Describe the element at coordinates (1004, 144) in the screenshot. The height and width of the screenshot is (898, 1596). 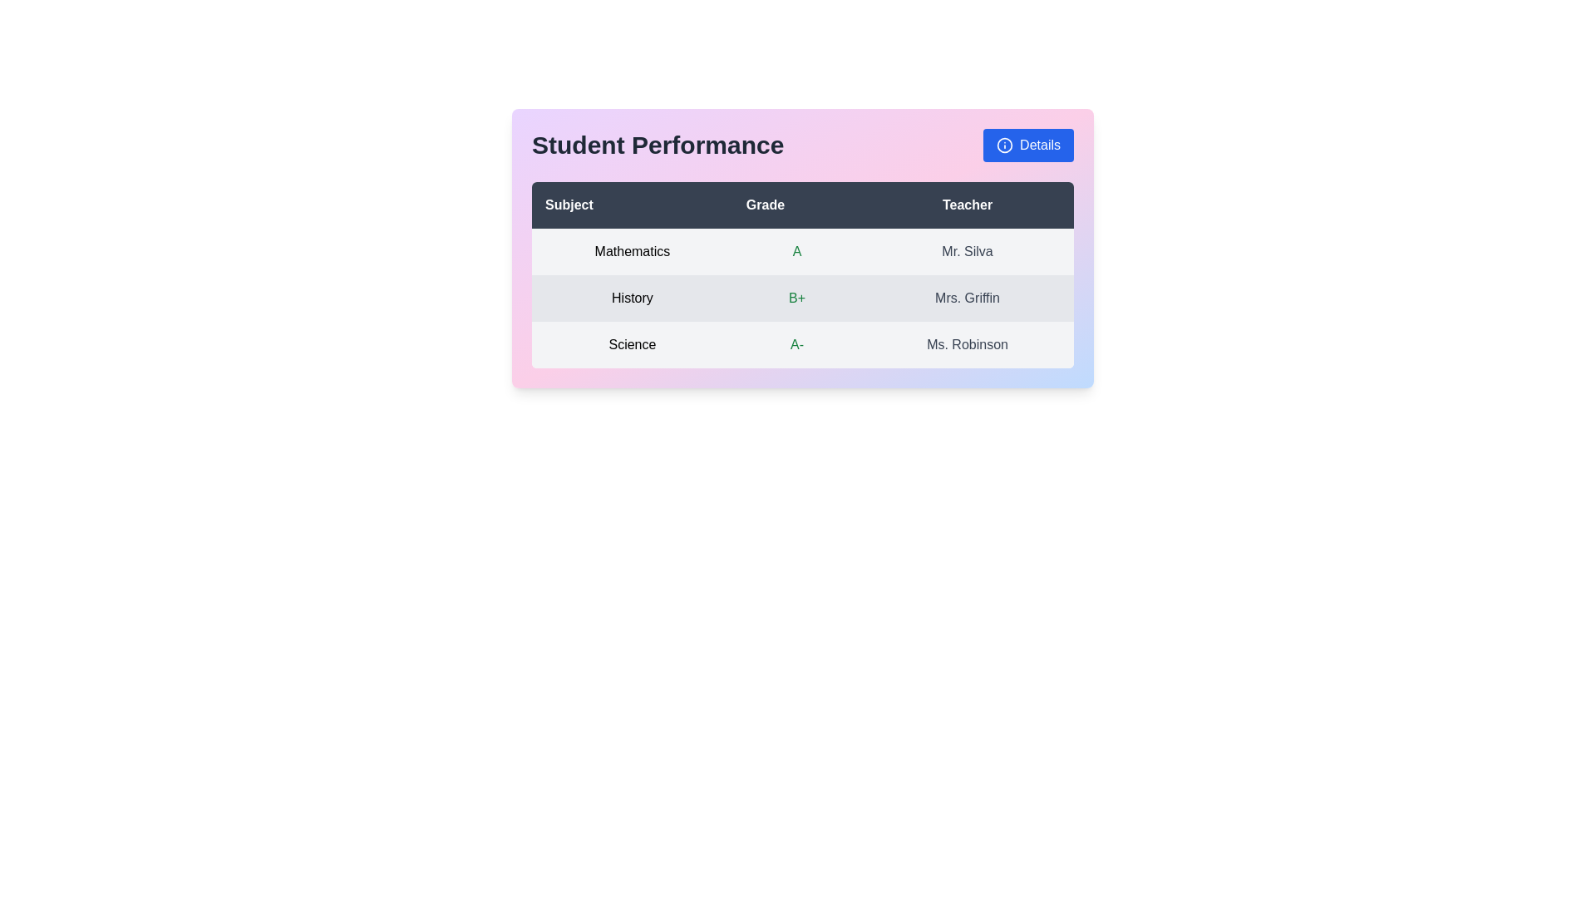
I see `the decorative circle component of the icon located at the top-right of the 'Details' button` at that location.